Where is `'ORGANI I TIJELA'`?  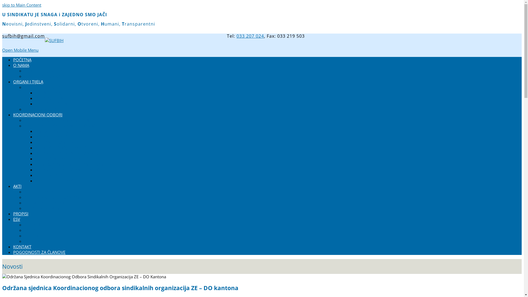
'ORGANI I TIJELA' is located at coordinates (28, 82).